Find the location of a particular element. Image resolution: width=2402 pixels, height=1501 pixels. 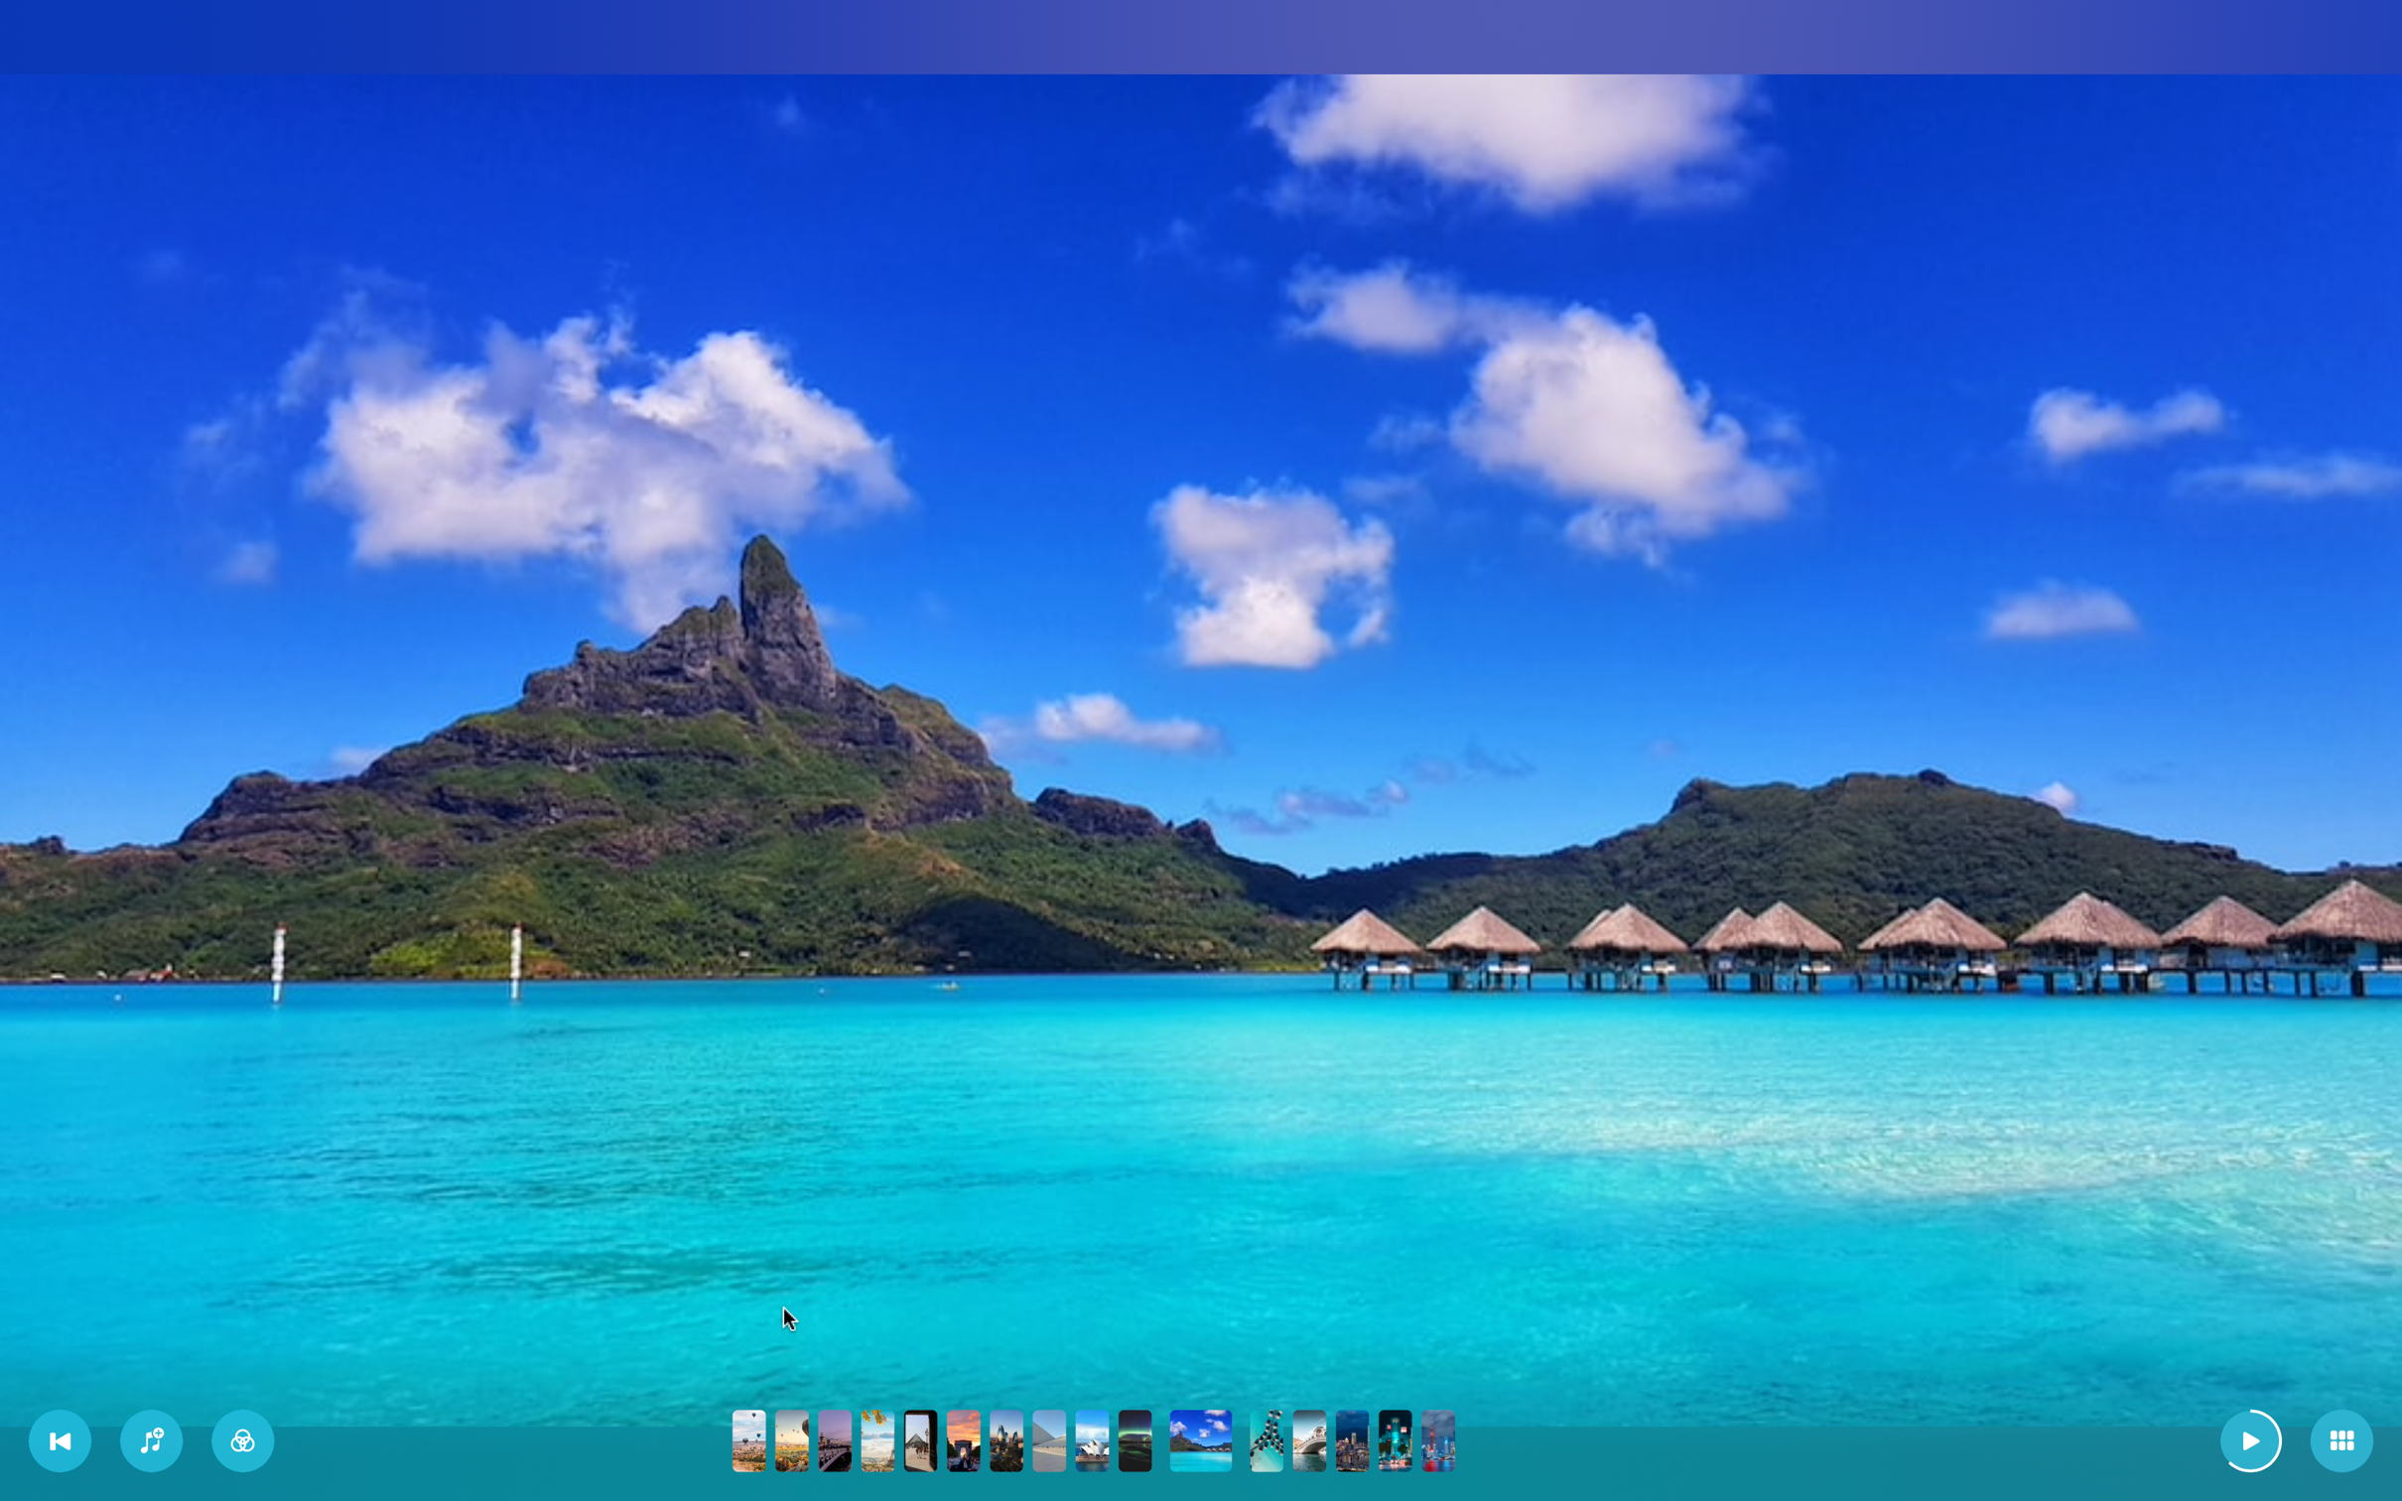

Go to the second picture in the slideshow is located at coordinates (791, 1438).